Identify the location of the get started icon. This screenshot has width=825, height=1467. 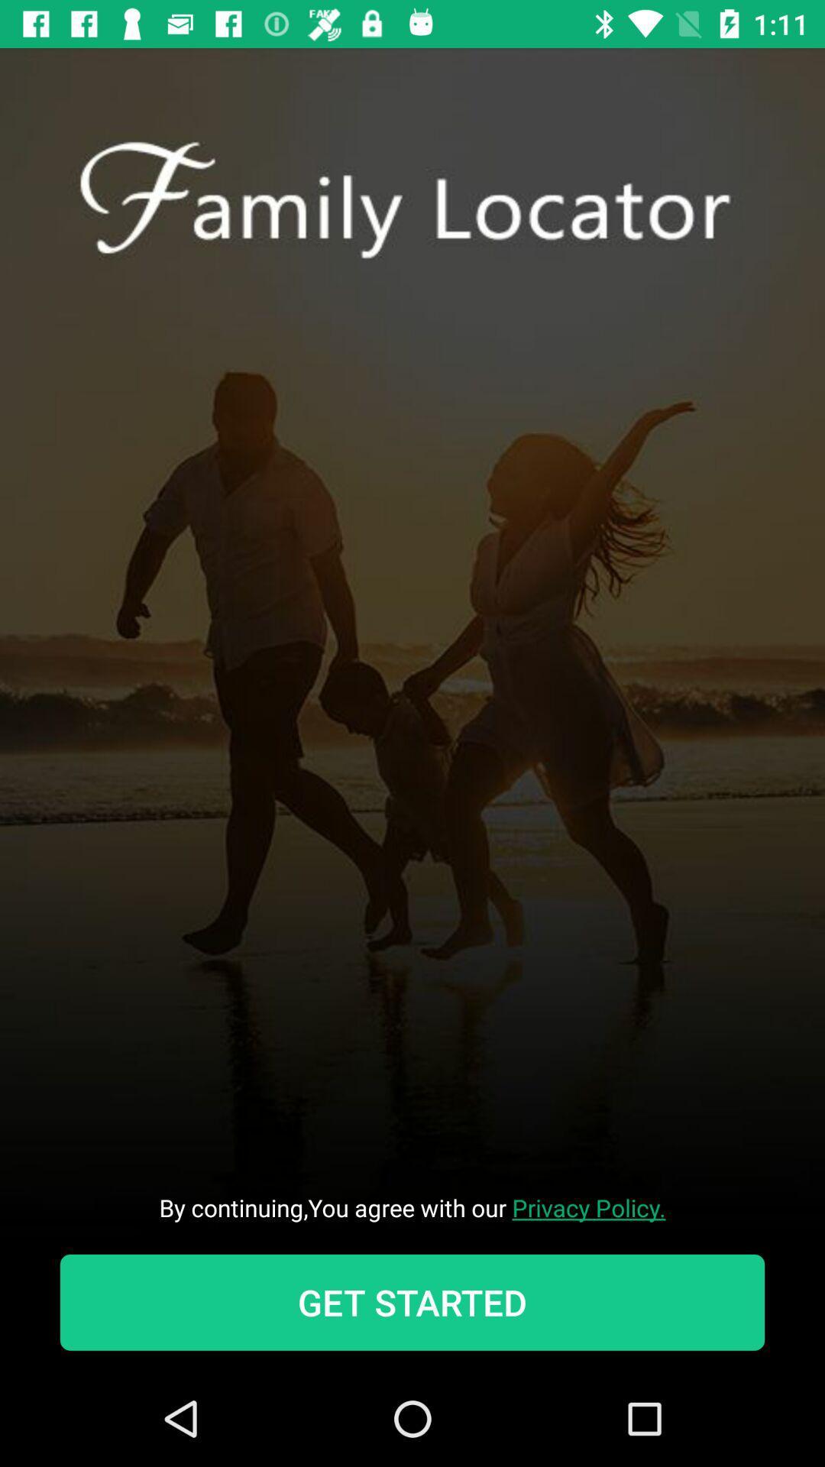
(412, 1301).